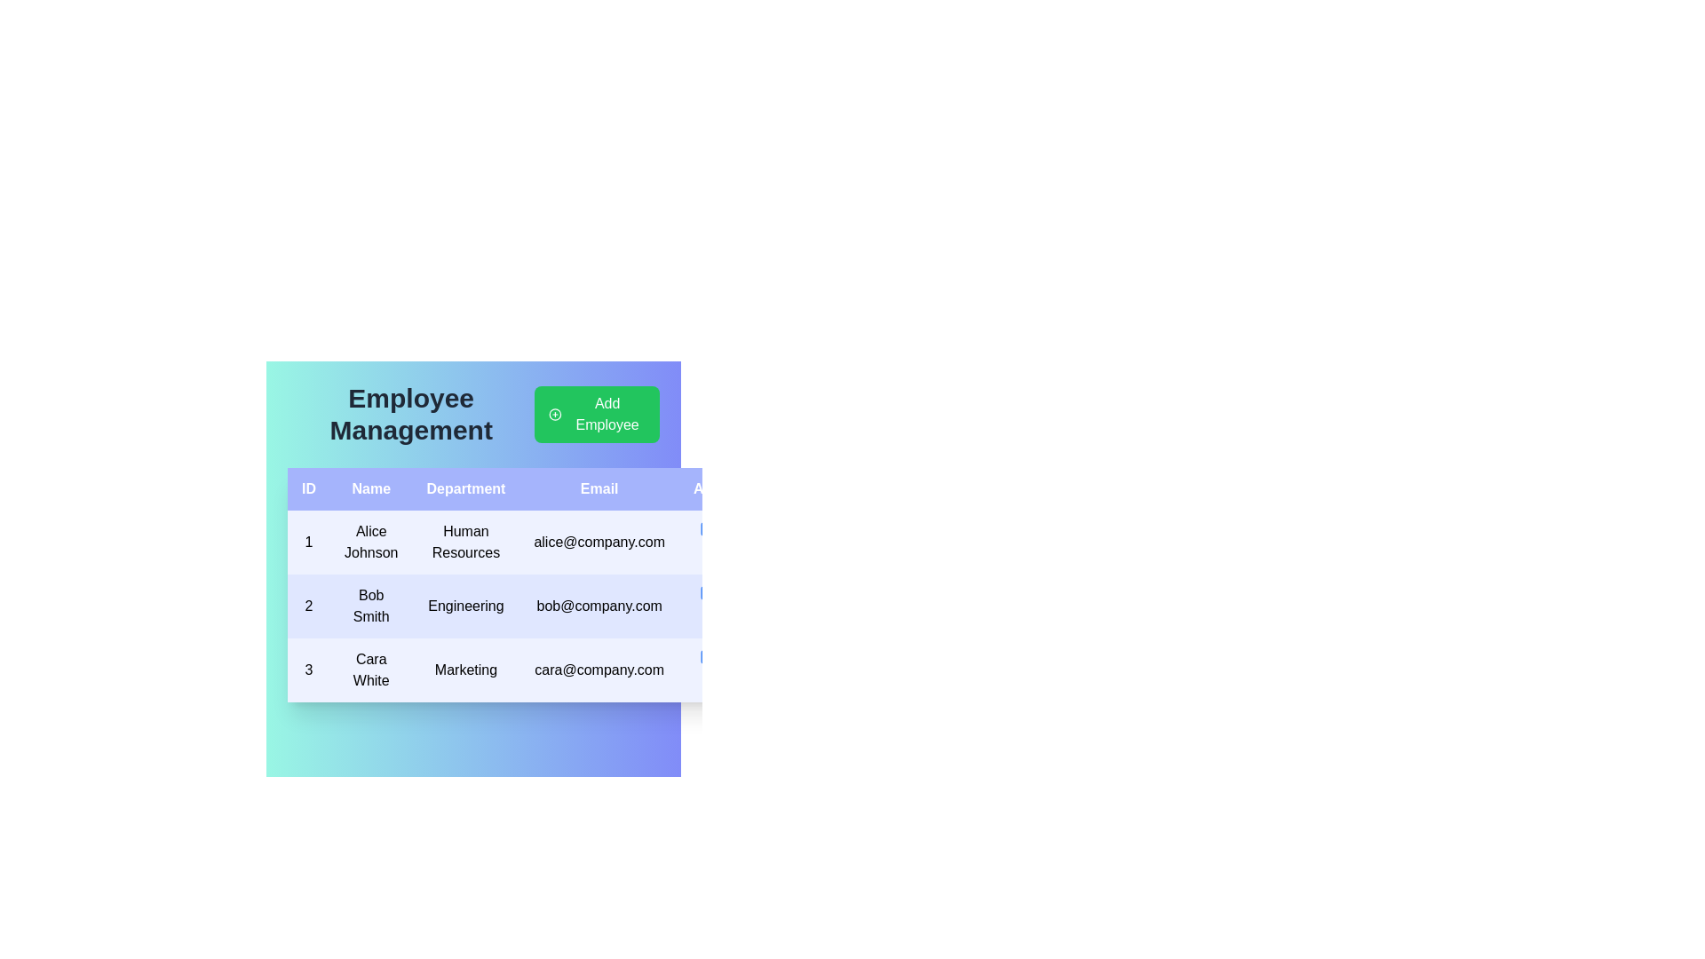  What do you see at coordinates (473, 414) in the screenshot?
I see `the 'Employee Management' section which includes the 'Add Employee' button, located at the top of the interface with a gradient background and bold text` at bounding box center [473, 414].